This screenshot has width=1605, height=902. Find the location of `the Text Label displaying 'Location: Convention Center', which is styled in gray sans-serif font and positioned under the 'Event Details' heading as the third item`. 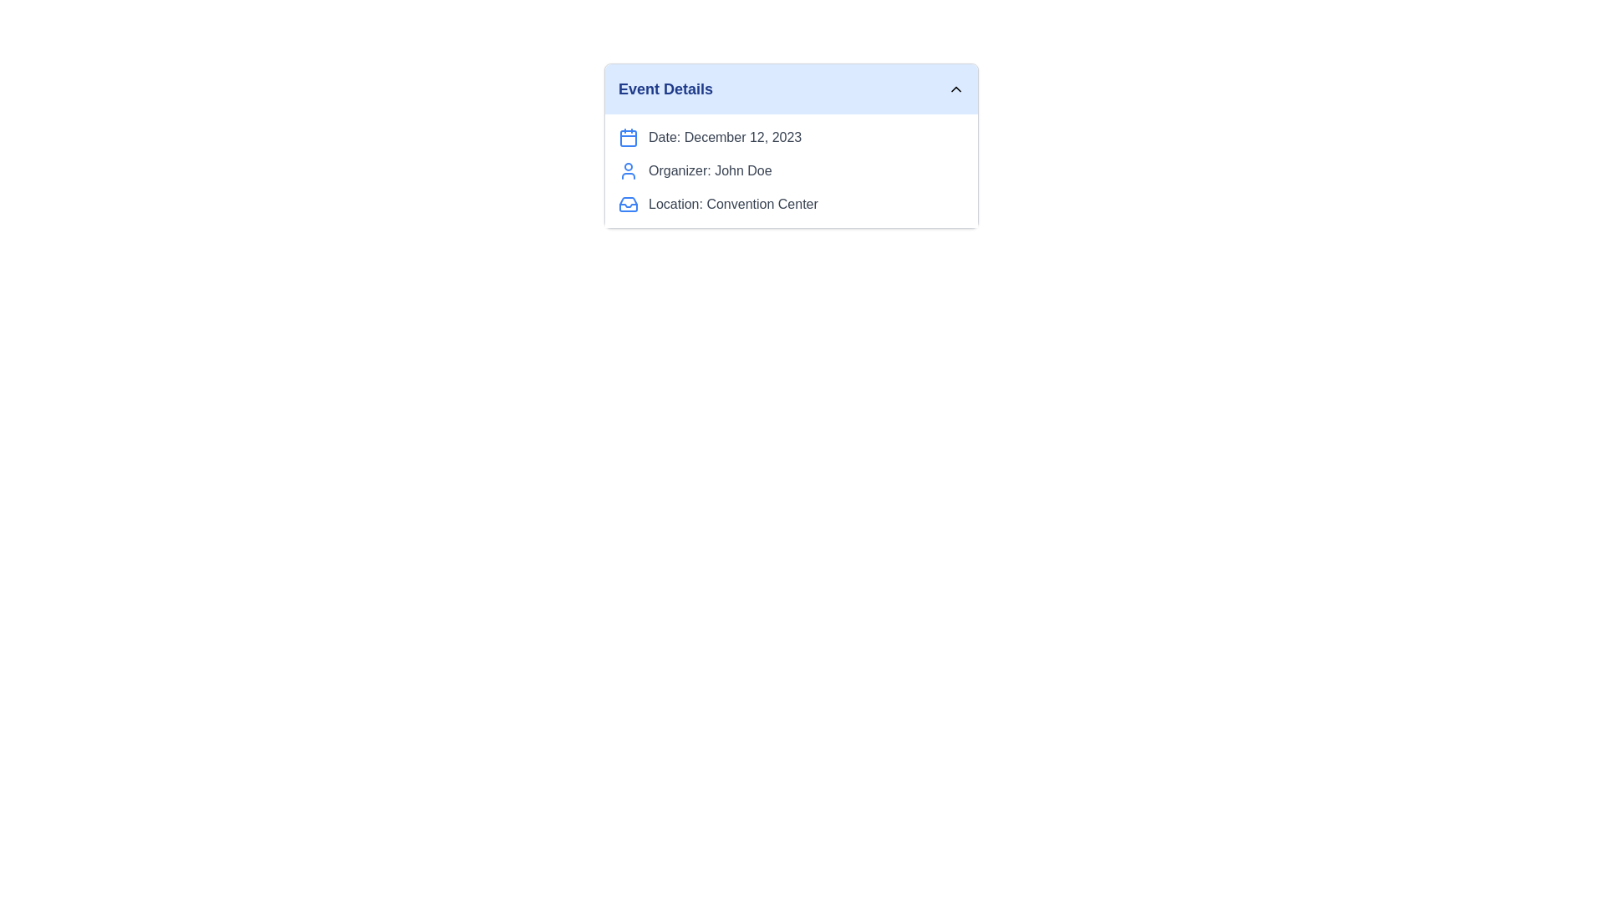

the Text Label displaying 'Location: Convention Center', which is styled in gray sans-serif font and positioned under the 'Event Details' heading as the third item is located at coordinates (733, 204).